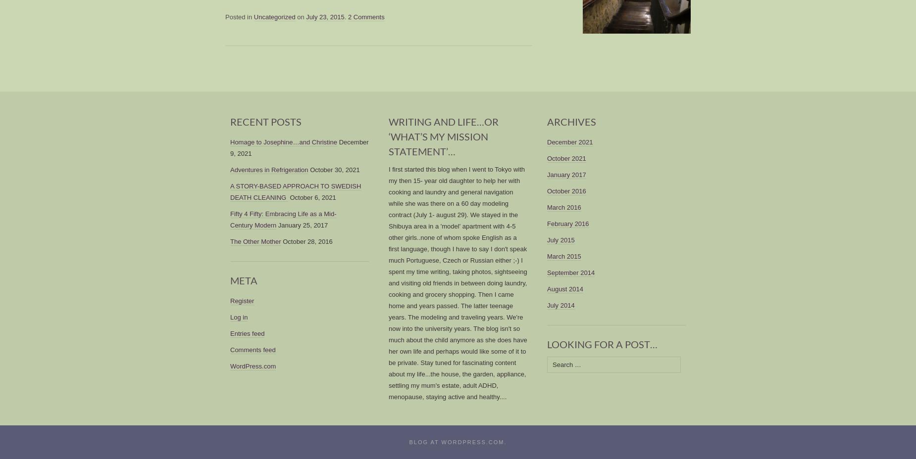  What do you see at coordinates (570, 272) in the screenshot?
I see `'September 2014'` at bounding box center [570, 272].